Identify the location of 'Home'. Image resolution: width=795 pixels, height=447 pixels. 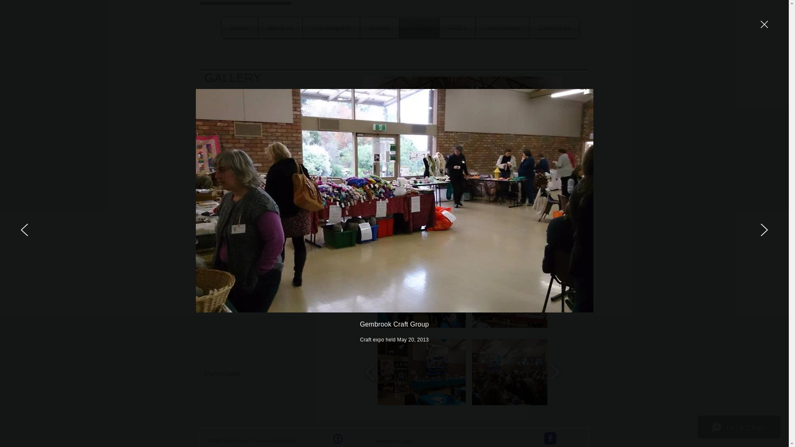
(239, 27).